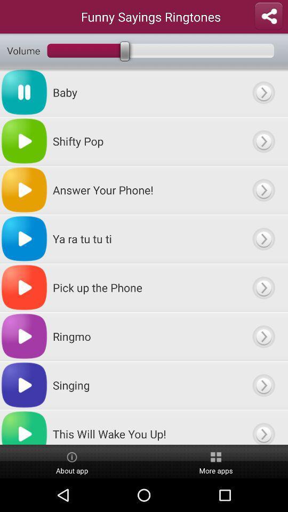  Describe the element at coordinates (263, 335) in the screenshot. I see `ringmo link` at that location.